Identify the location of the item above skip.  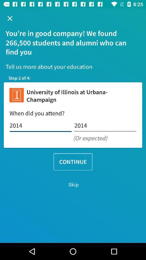
(73, 162).